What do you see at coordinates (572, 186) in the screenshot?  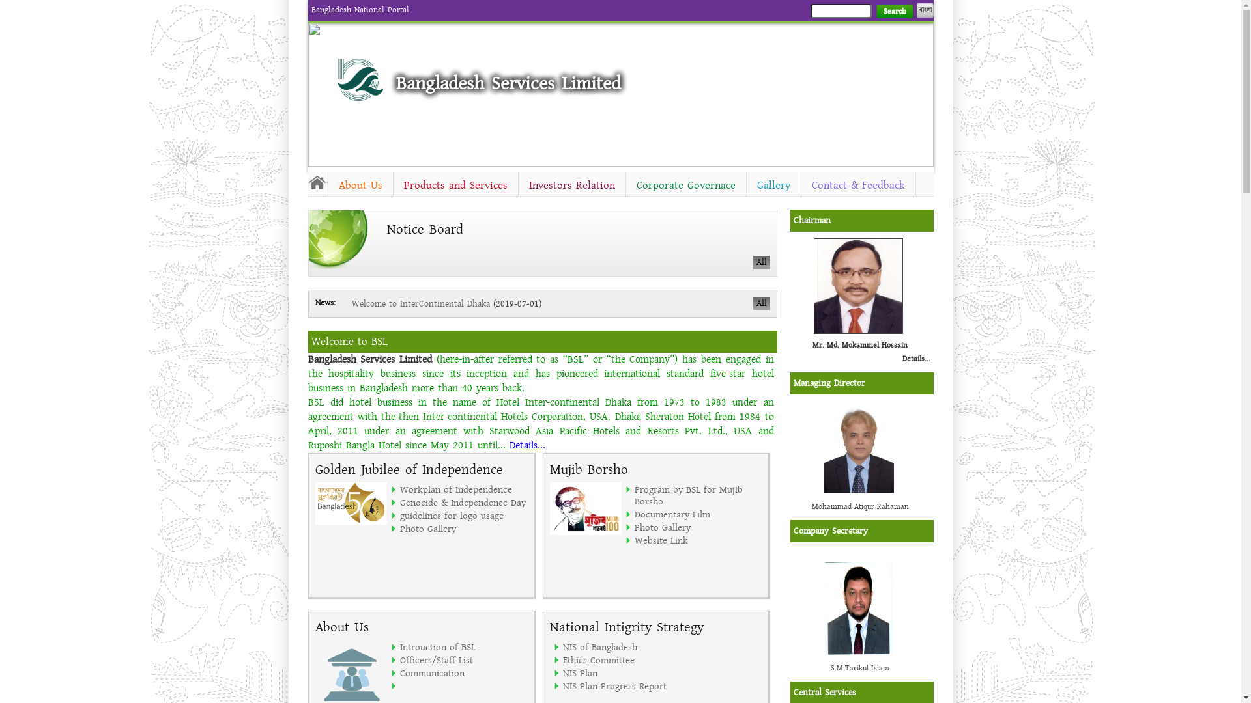 I see `'Investors Relation'` at bounding box center [572, 186].